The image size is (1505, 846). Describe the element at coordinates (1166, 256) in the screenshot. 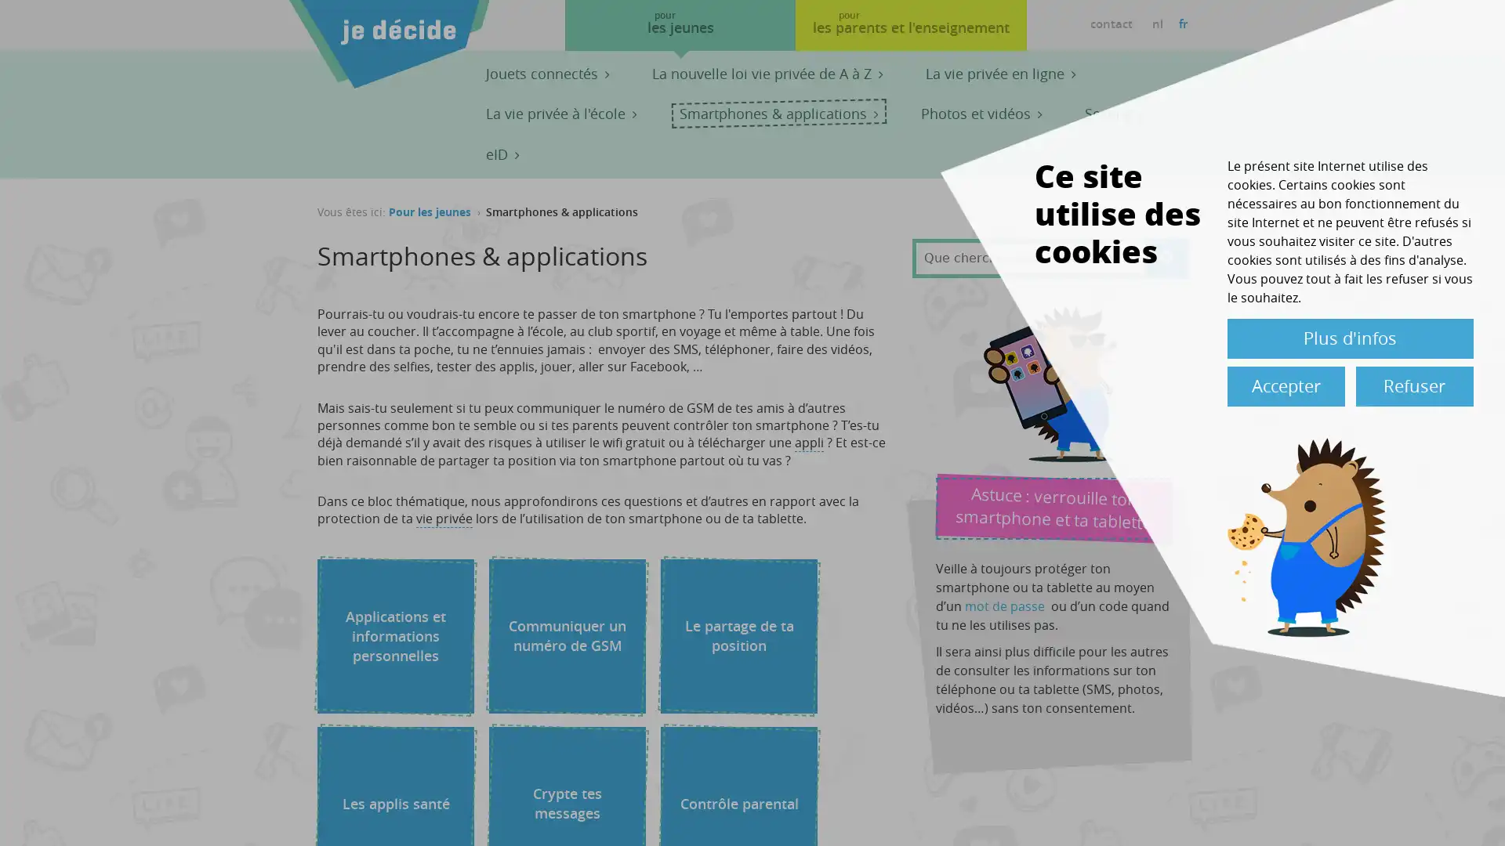

I see `Apply` at that location.